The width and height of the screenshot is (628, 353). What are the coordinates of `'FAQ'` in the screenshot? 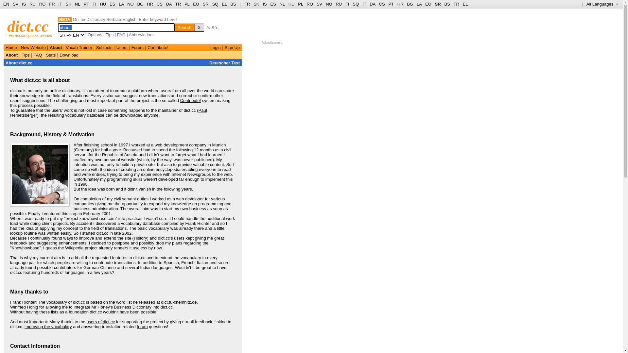 It's located at (121, 35).